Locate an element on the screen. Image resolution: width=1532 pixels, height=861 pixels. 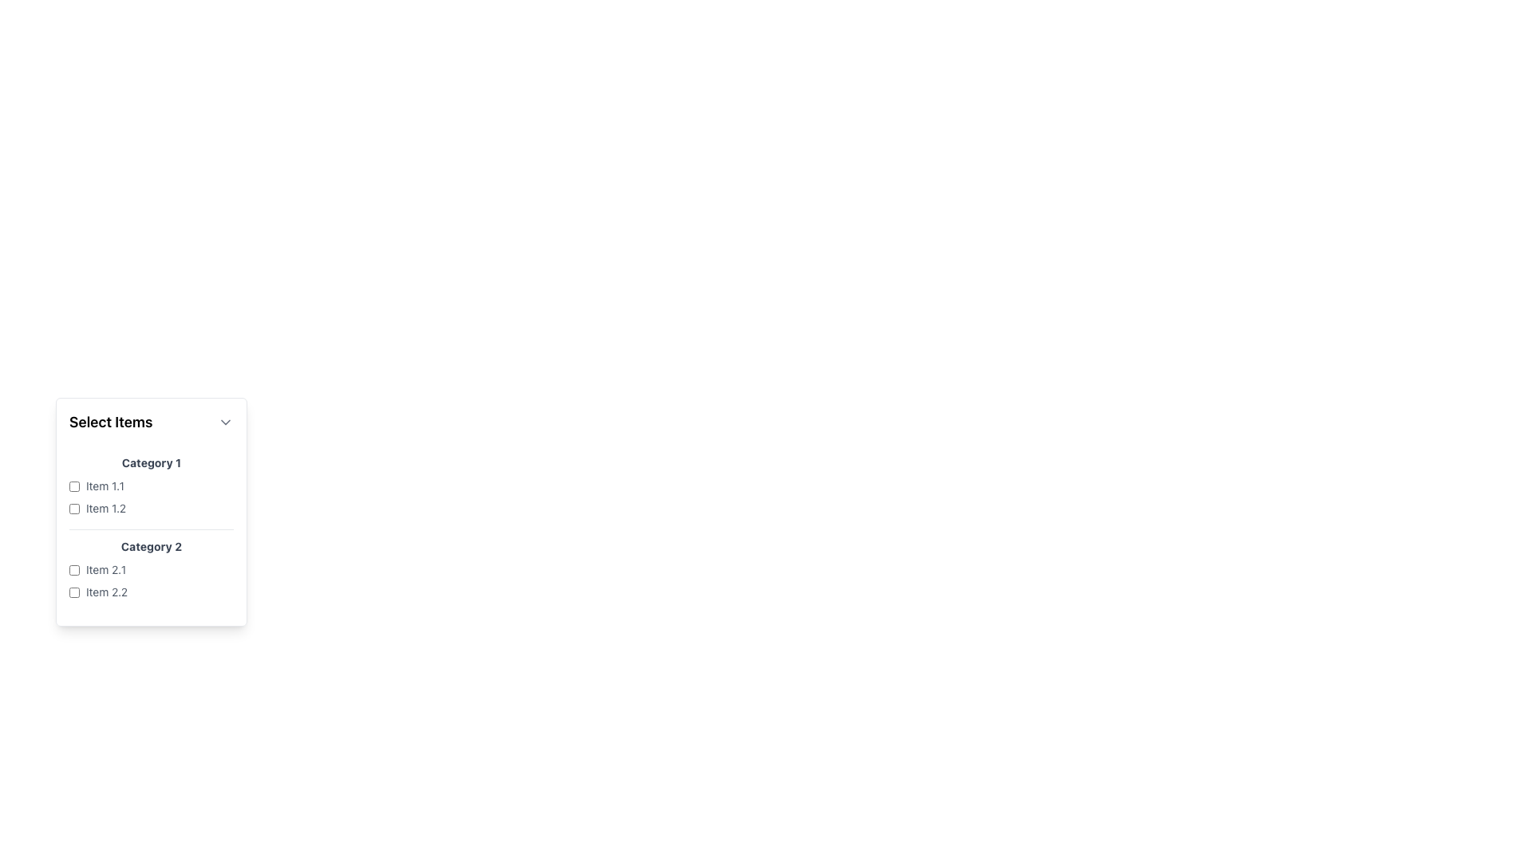
the labeled checkbox under 'Category 2' is located at coordinates (152, 568).